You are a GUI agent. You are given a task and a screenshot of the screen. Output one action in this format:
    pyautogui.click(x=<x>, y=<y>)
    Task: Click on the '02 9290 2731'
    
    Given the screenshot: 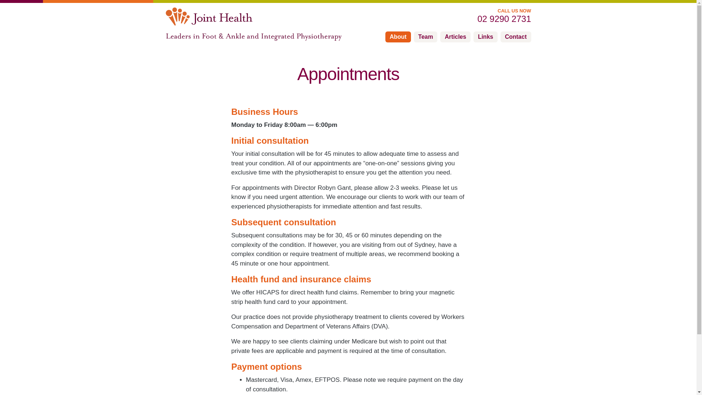 What is the action you would take?
    pyautogui.click(x=472, y=18)
    